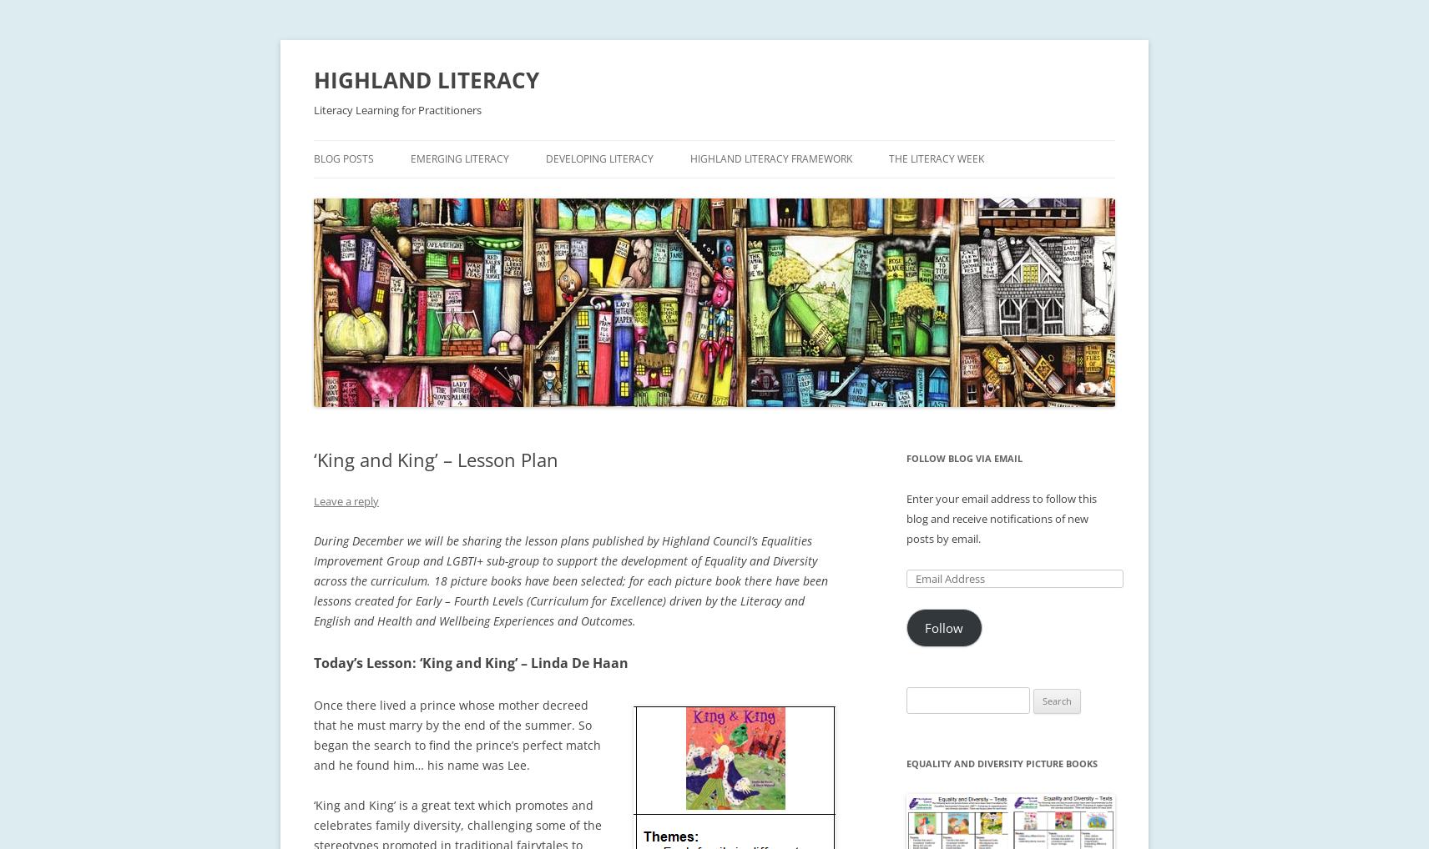  What do you see at coordinates (770, 158) in the screenshot?
I see `'Highland Literacy Framework'` at bounding box center [770, 158].